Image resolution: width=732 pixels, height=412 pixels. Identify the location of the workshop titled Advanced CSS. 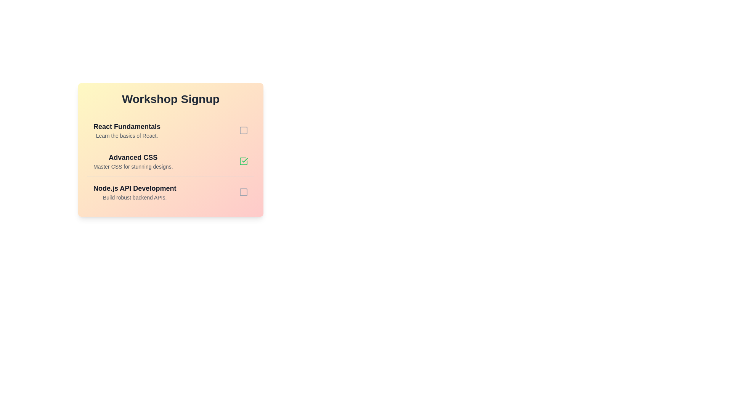
(133, 161).